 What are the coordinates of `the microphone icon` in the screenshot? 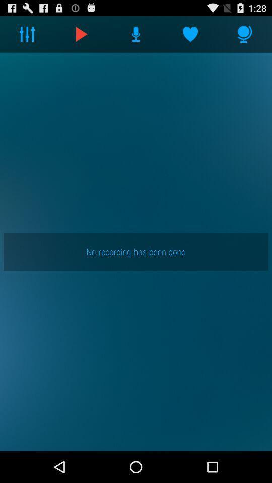 It's located at (244, 36).